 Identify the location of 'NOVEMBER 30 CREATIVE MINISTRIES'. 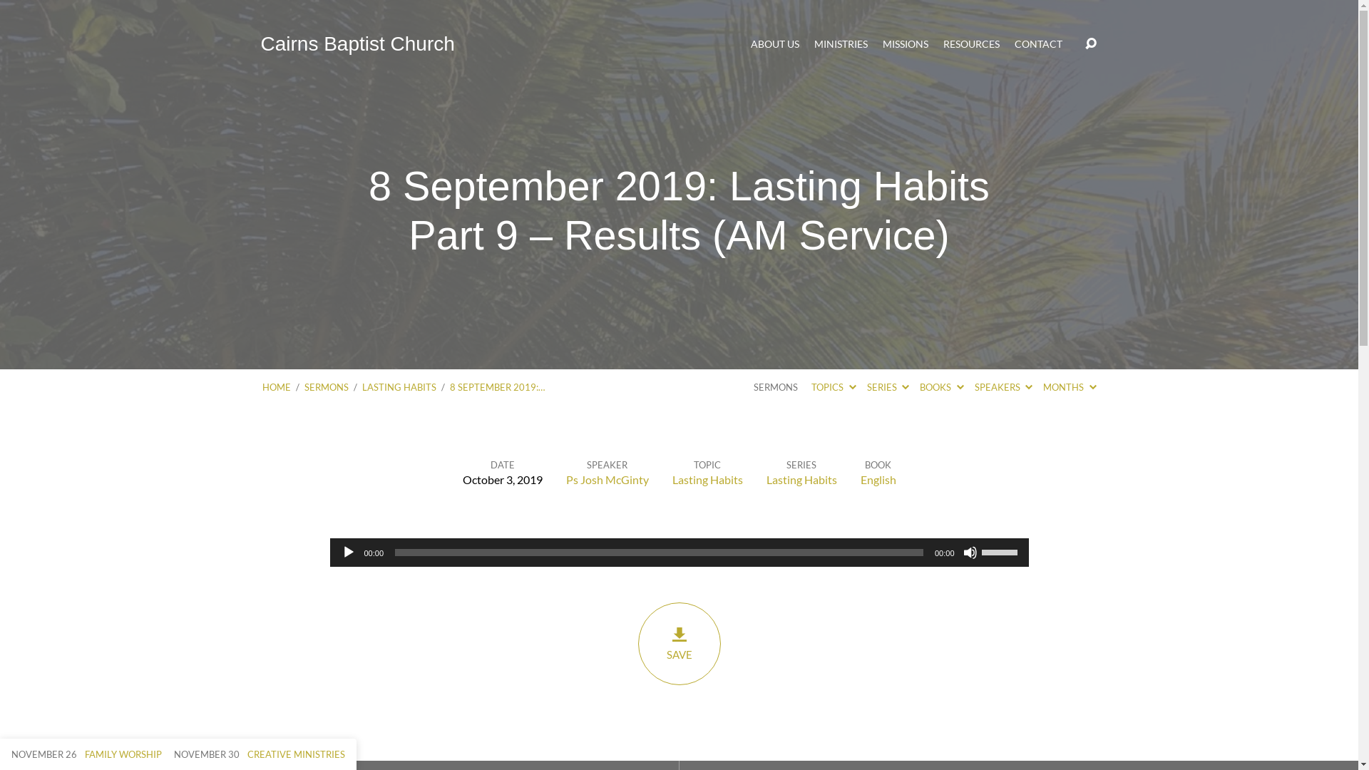
(260, 753).